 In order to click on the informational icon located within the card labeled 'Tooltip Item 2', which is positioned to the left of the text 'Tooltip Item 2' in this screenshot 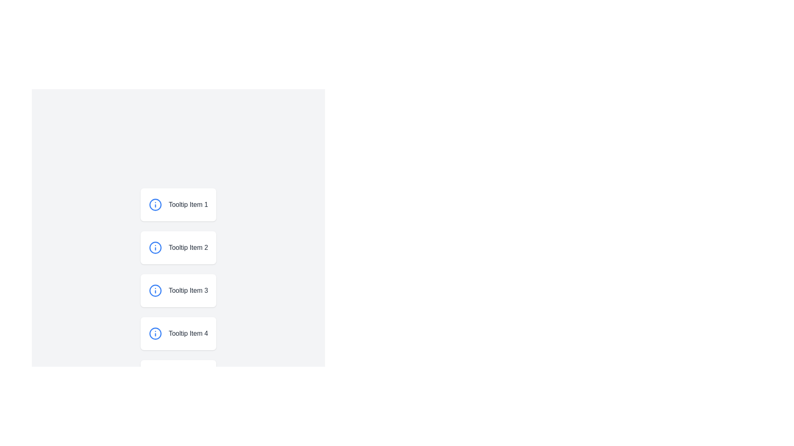, I will do `click(155, 247)`.